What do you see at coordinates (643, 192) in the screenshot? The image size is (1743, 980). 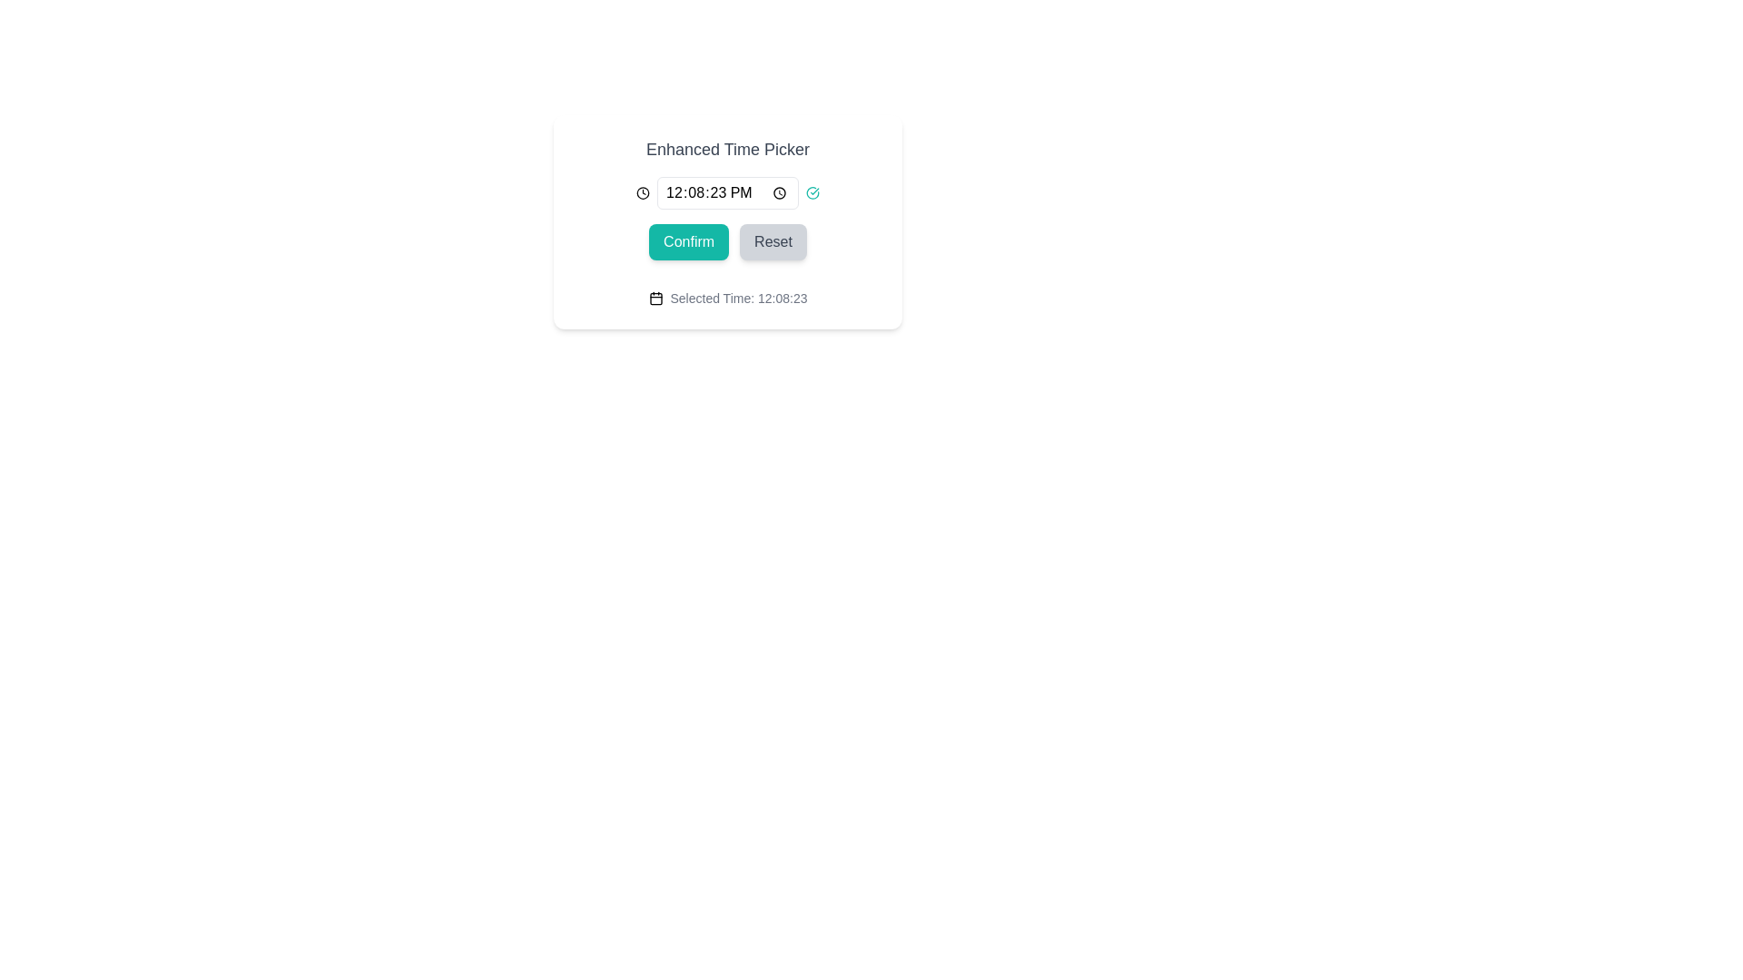 I see `outer circular outline of the clock icon, which is part of a vector image representation, for debugging purposes` at bounding box center [643, 192].